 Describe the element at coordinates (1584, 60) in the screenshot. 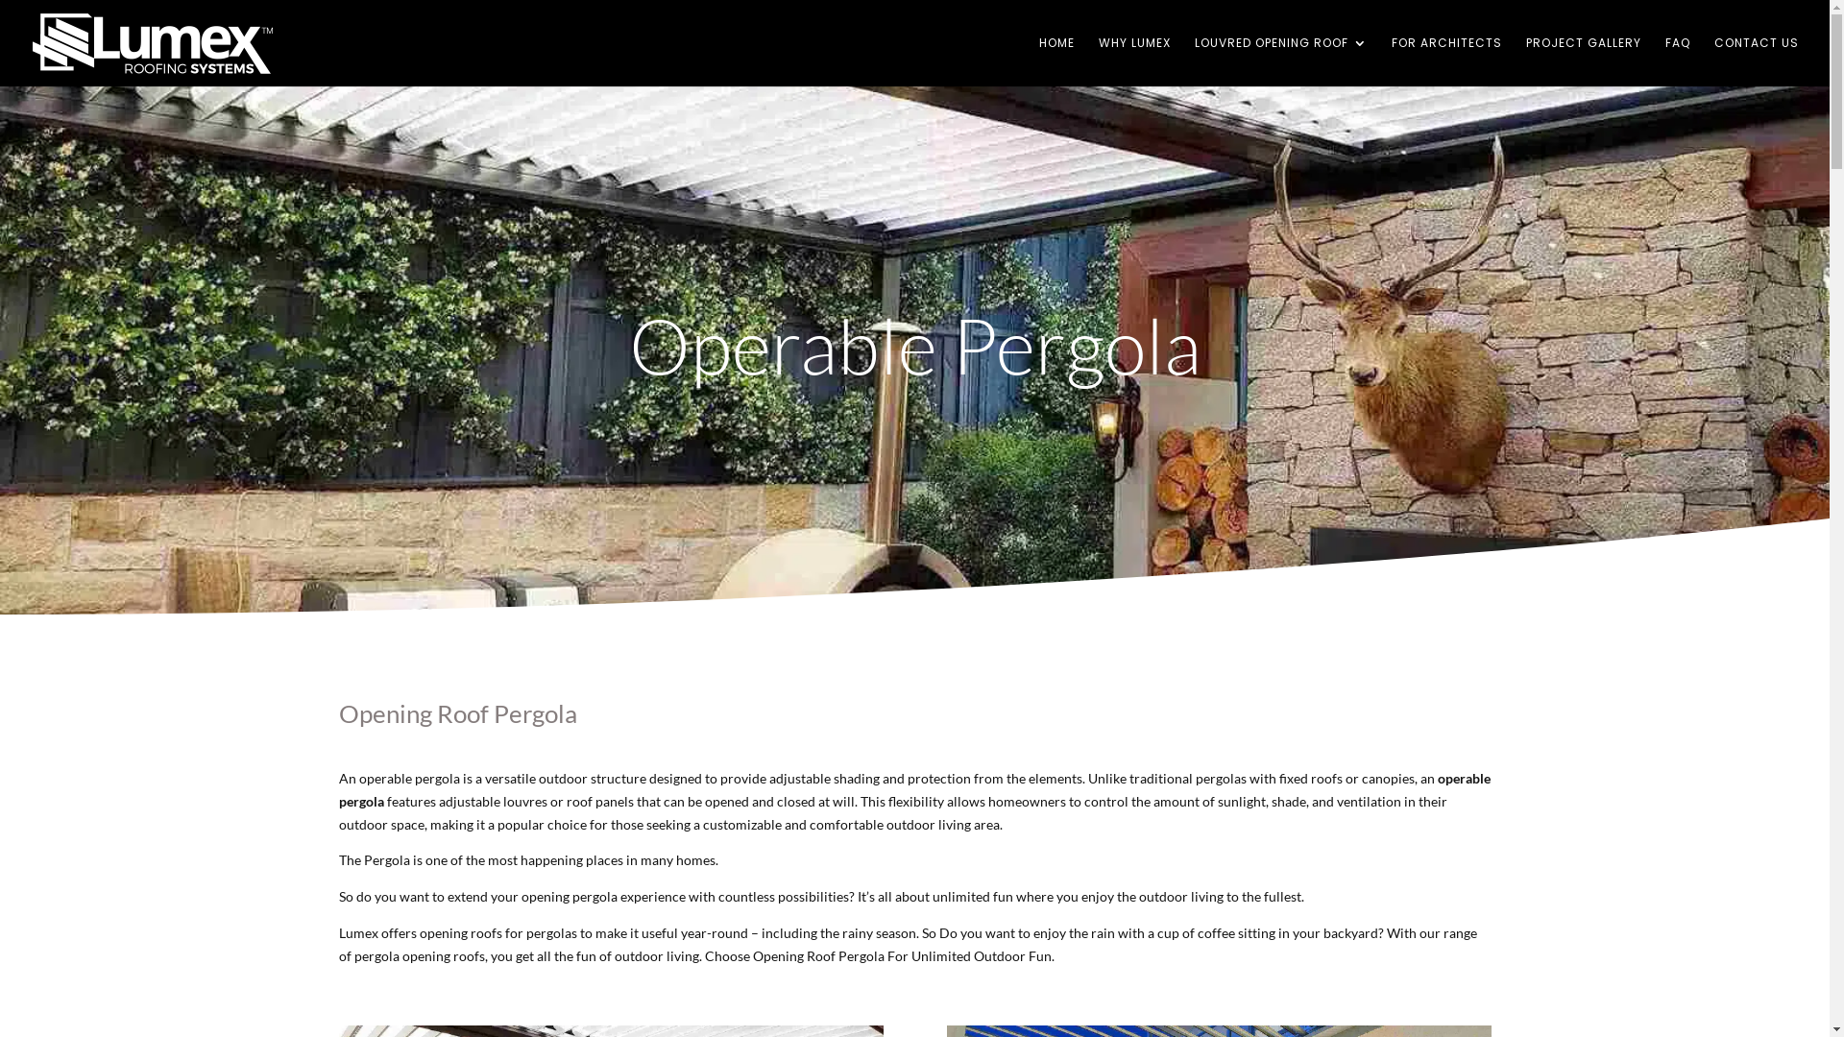

I see `'PROJECT GALLERY'` at that location.